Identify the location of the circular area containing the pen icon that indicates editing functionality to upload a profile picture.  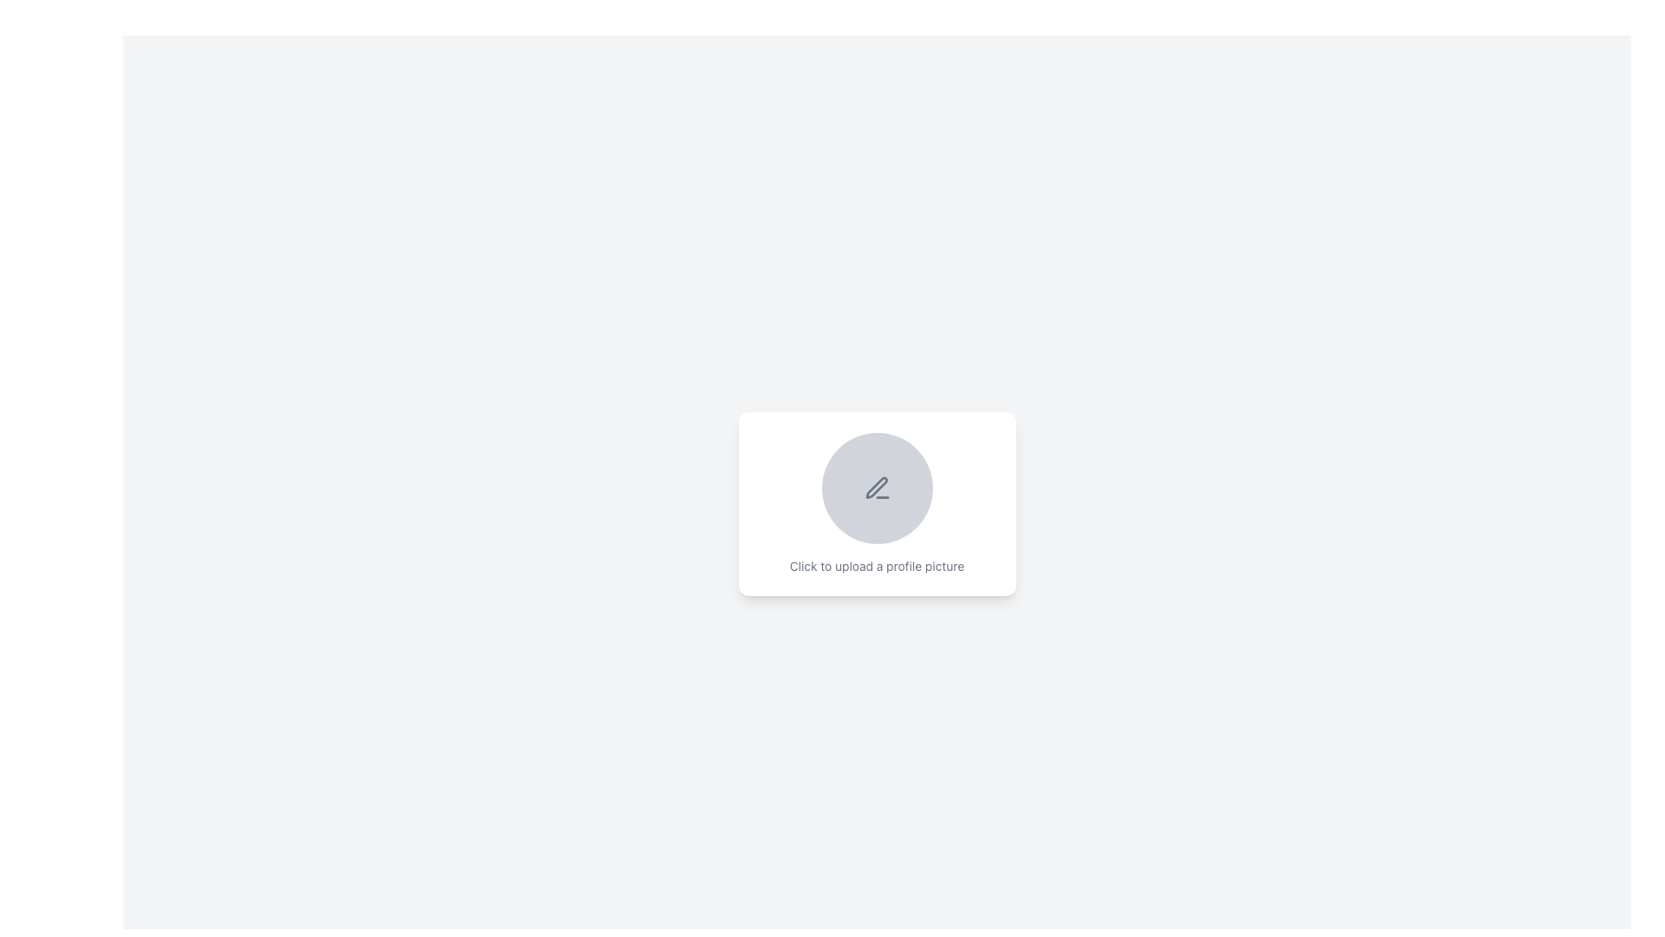
(877, 488).